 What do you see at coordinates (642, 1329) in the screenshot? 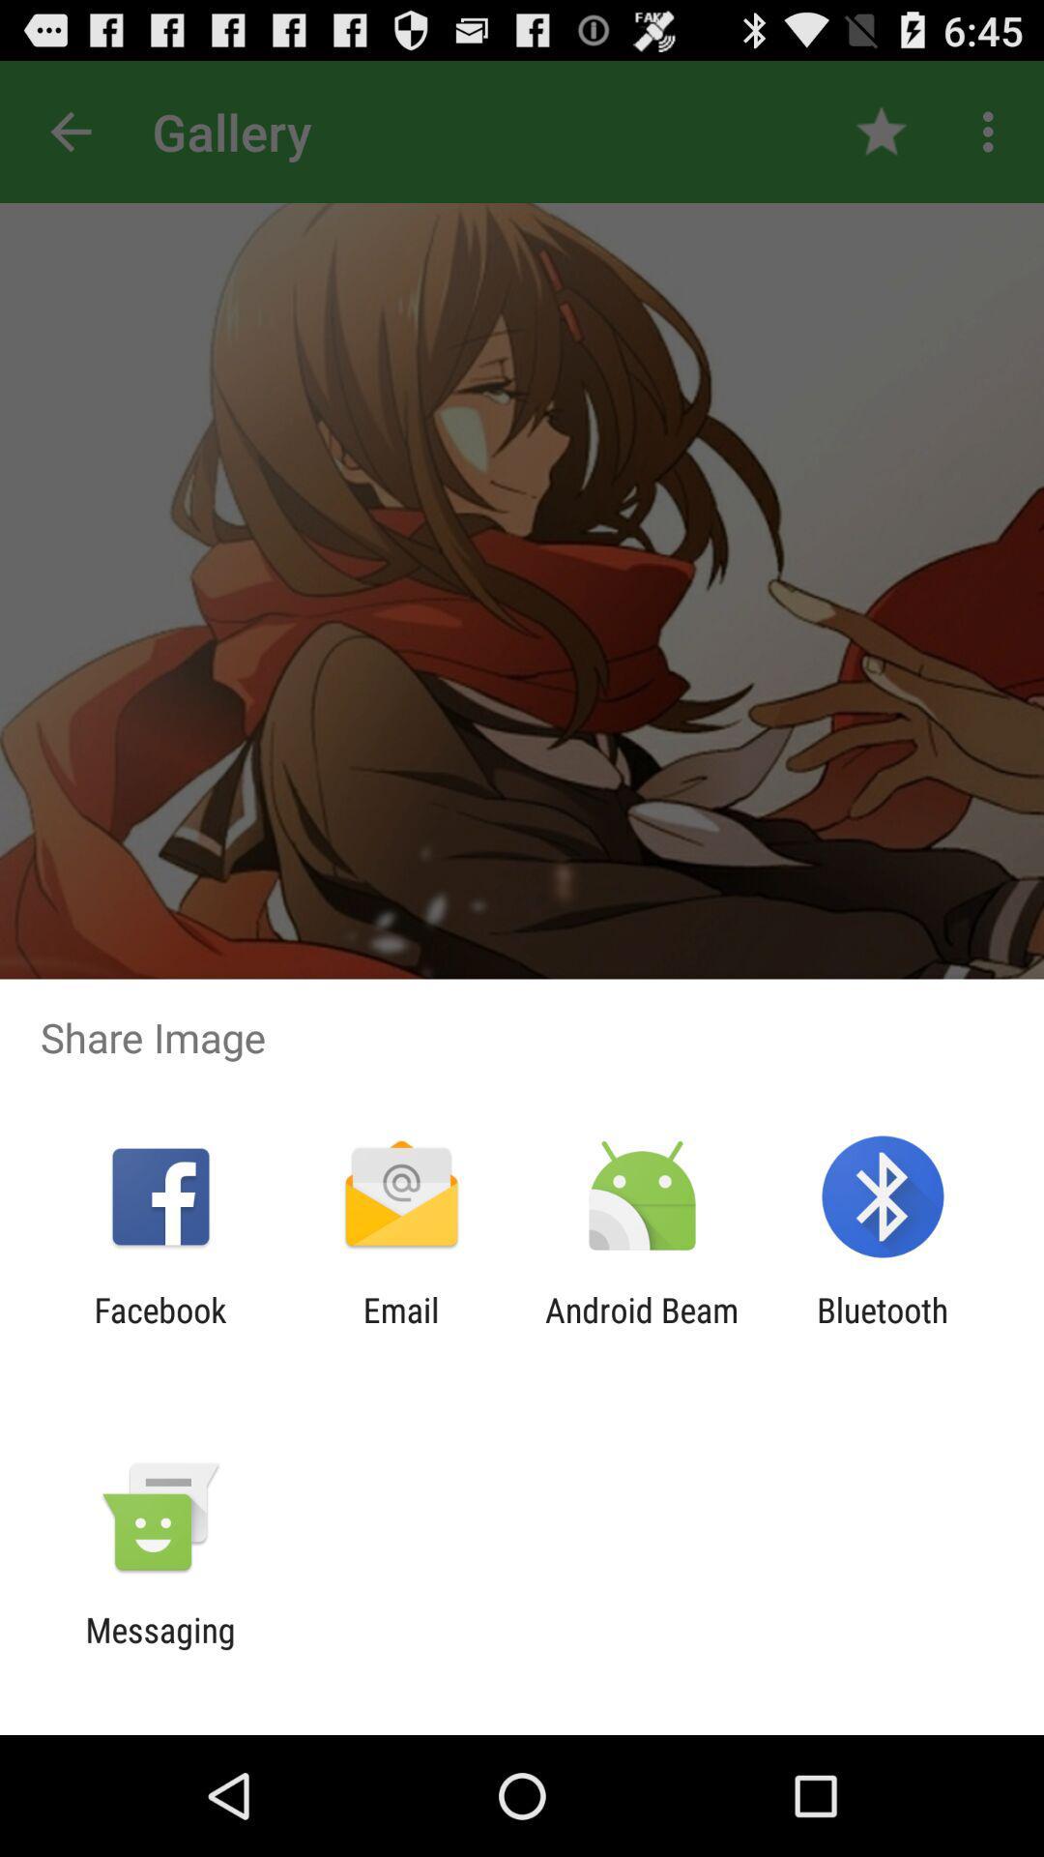
I see `the app next to the email app` at bounding box center [642, 1329].